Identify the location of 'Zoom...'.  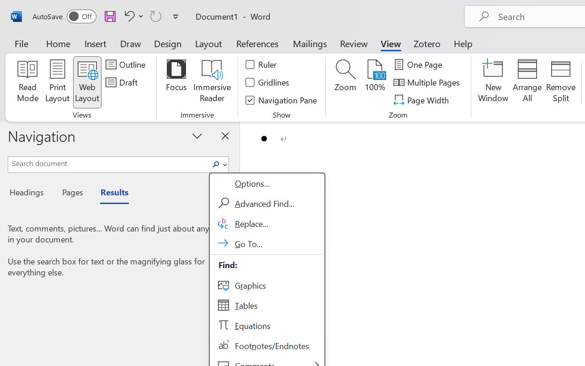
(345, 82).